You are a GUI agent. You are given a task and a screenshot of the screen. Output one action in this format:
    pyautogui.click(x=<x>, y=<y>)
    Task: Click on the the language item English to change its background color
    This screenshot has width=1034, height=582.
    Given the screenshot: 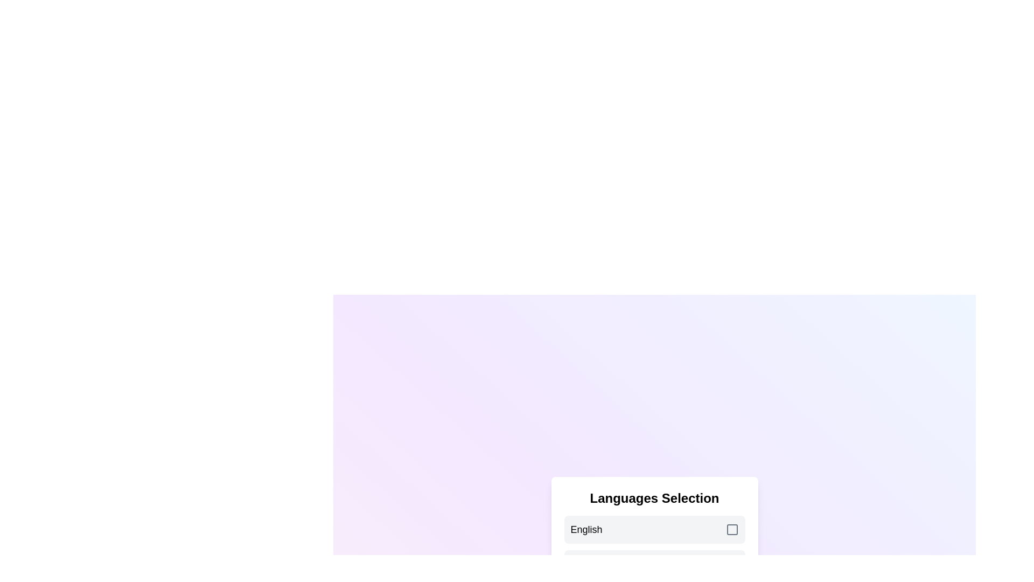 What is the action you would take?
    pyautogui.click(x=654, y=529)
    